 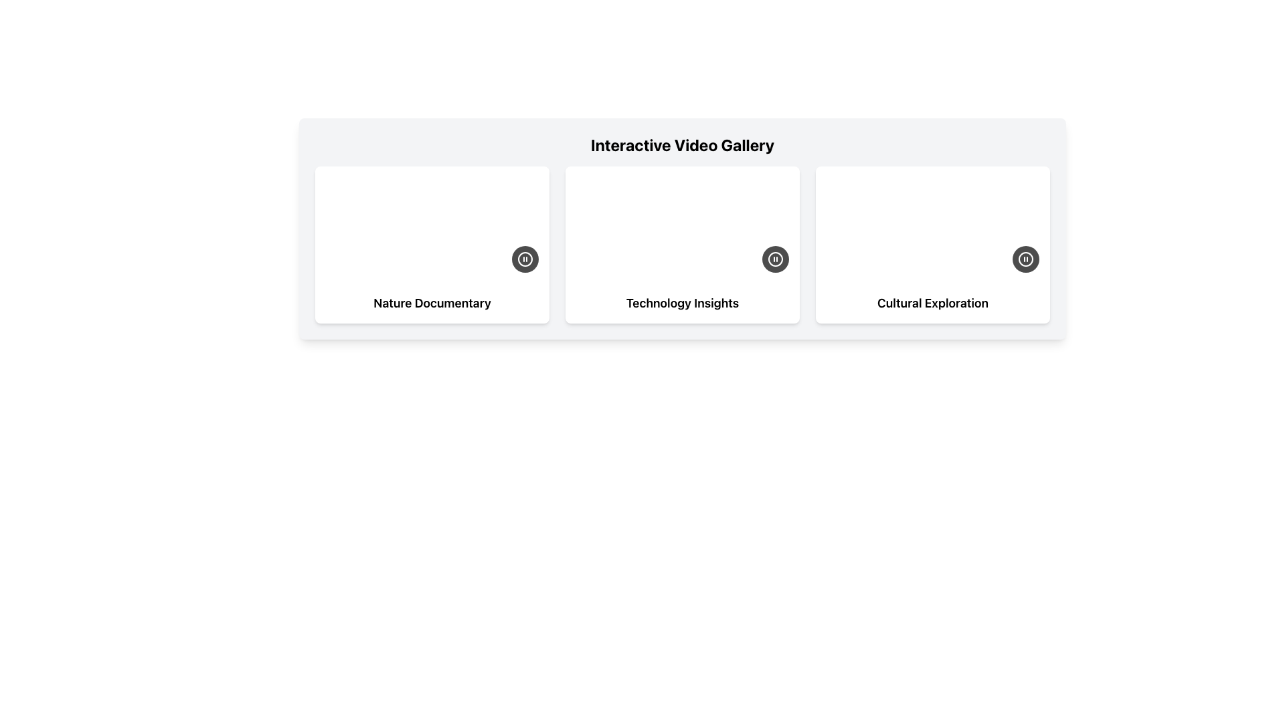 I want to click on the middle card in the 'Interactive Video Gallery' titled 'Technology Insights', so click(x=682, y=245).